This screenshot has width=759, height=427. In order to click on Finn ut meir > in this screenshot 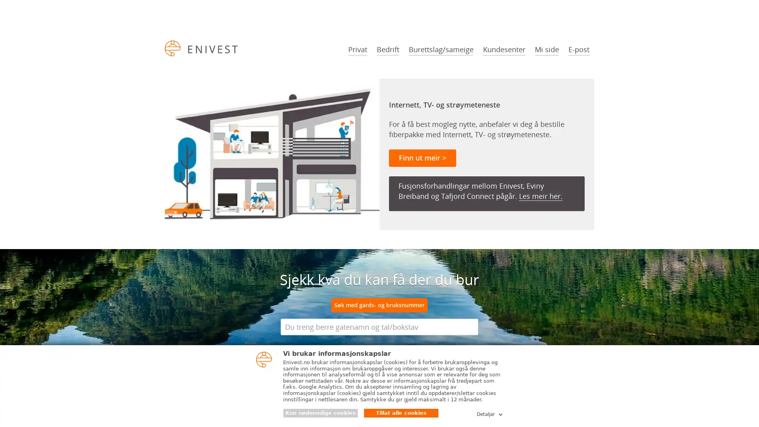, I will do `click(422, 158)`.